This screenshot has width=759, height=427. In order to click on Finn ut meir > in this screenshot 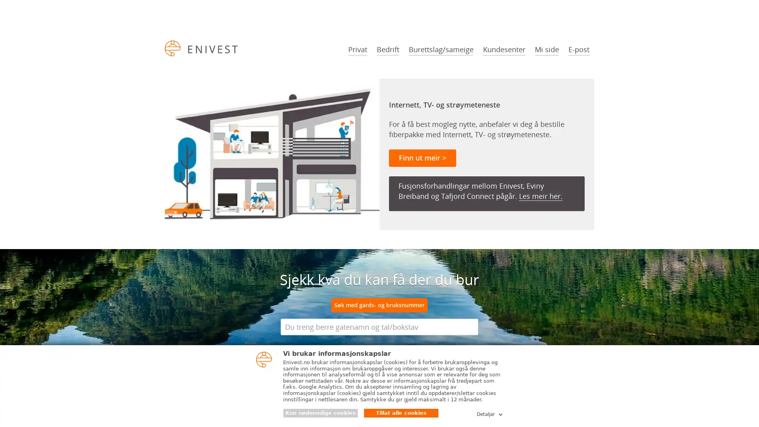, I will do `click(422, 158)`.